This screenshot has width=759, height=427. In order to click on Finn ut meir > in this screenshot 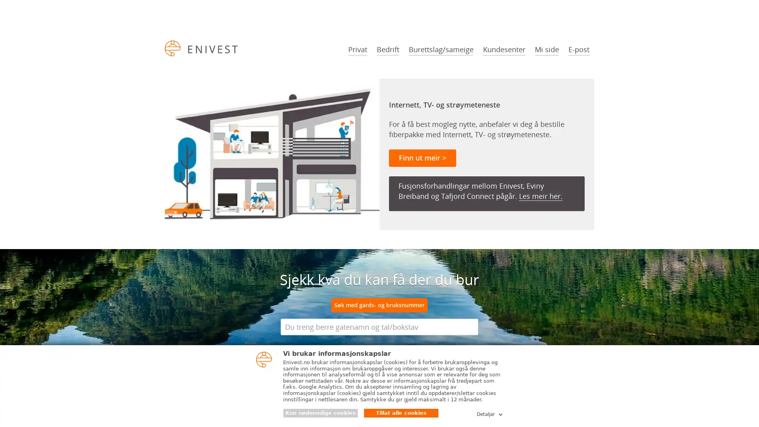, I will do `click(422, 158)`.